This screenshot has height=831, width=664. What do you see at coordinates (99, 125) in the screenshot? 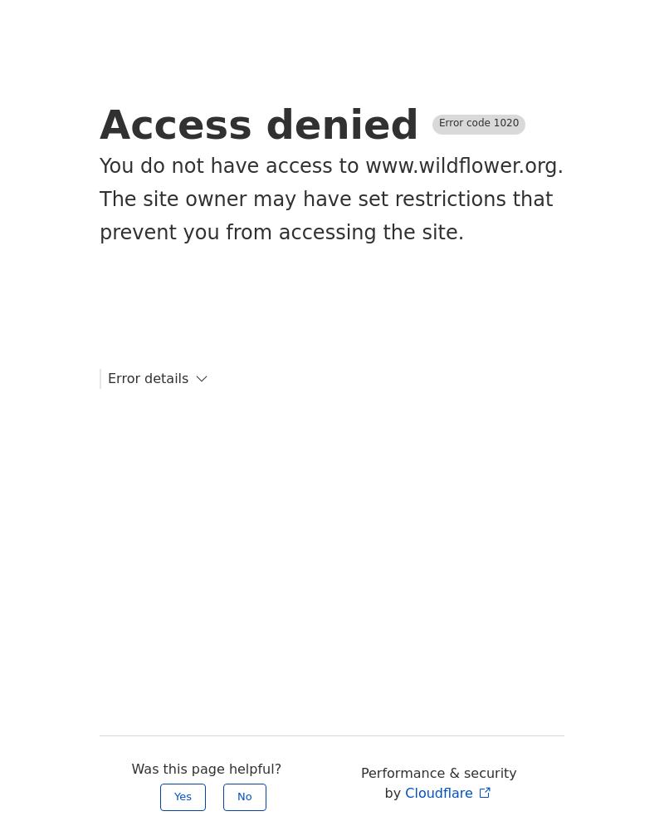
I see `'Access denied'` at bounding box center [99, 125].